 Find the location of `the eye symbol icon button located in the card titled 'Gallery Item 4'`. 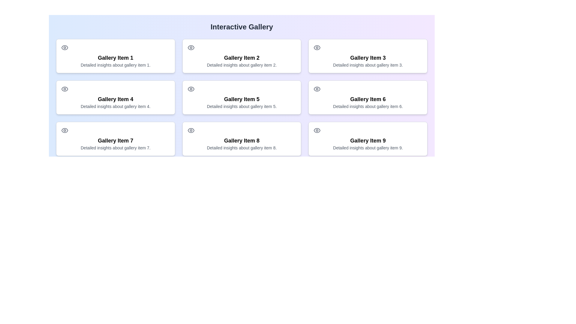

the eye symbol icon button located in the card titled 'Gallery Item 4' is located at coordinates (65, 89).